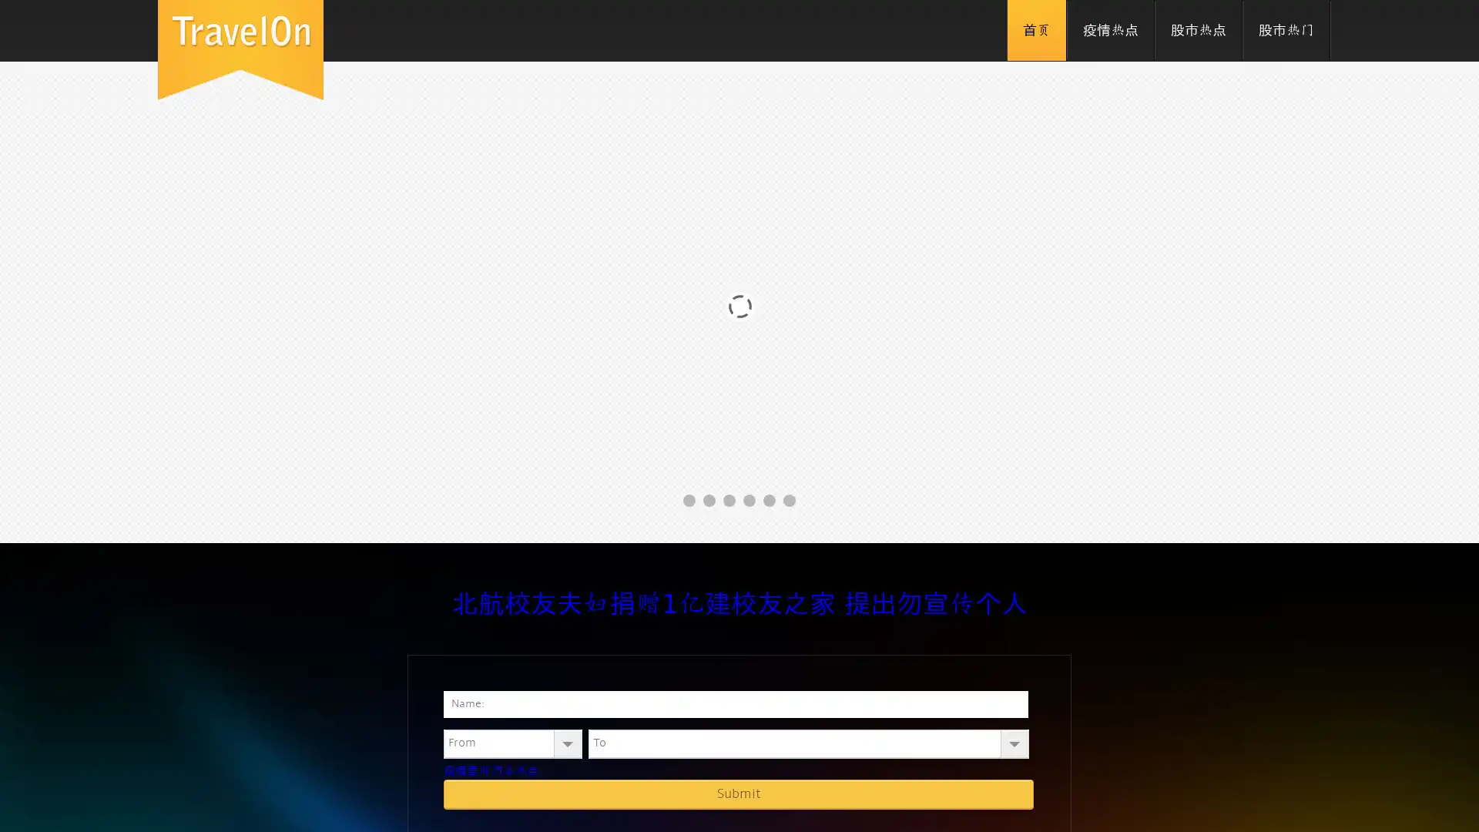 This screenshot has height=832, width=1479. I want to click on submit, so click(738, 793).